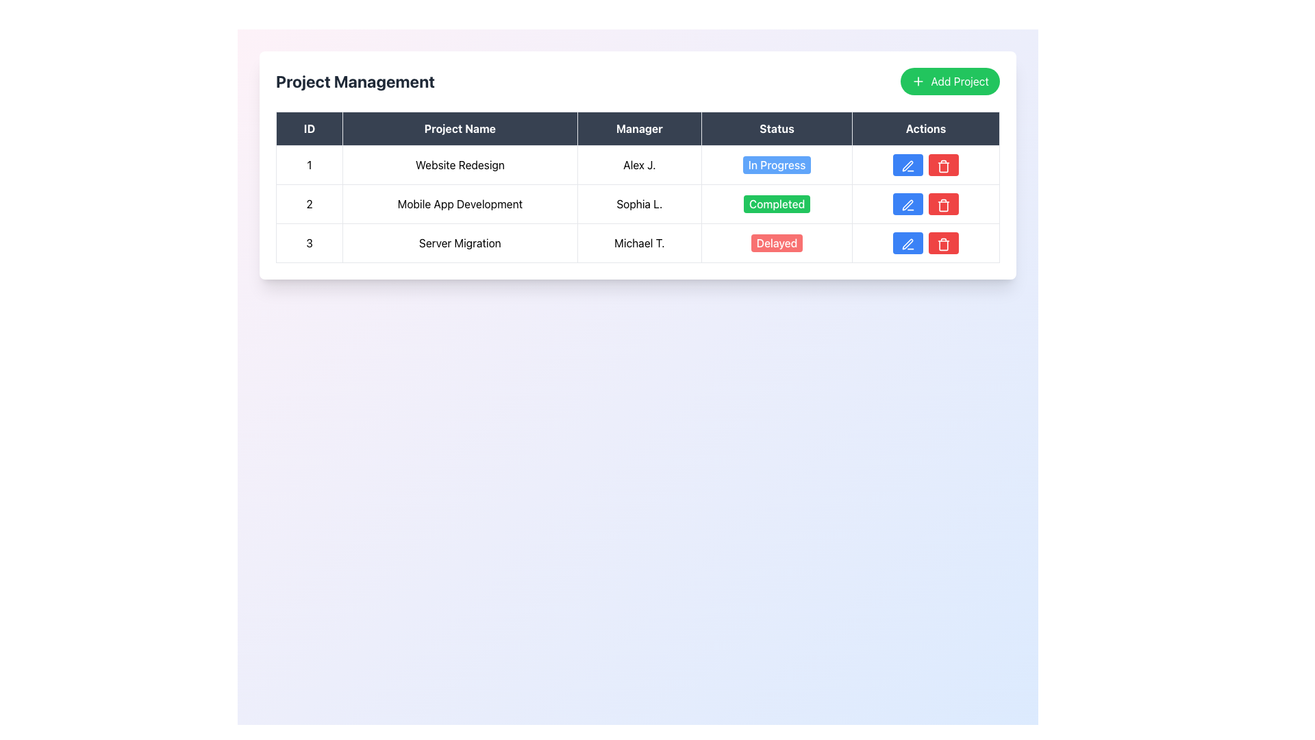 Image resolution: width=1315 pixels, height=740 pixels. Describe the element at coordinates (637, 129) in the screenshot. I see `the Table Header Row which contains the headers 'ID', 'Project Name', 'Manager', 'Status', and 'Actions' located below the 'Project Management' title` at that location.